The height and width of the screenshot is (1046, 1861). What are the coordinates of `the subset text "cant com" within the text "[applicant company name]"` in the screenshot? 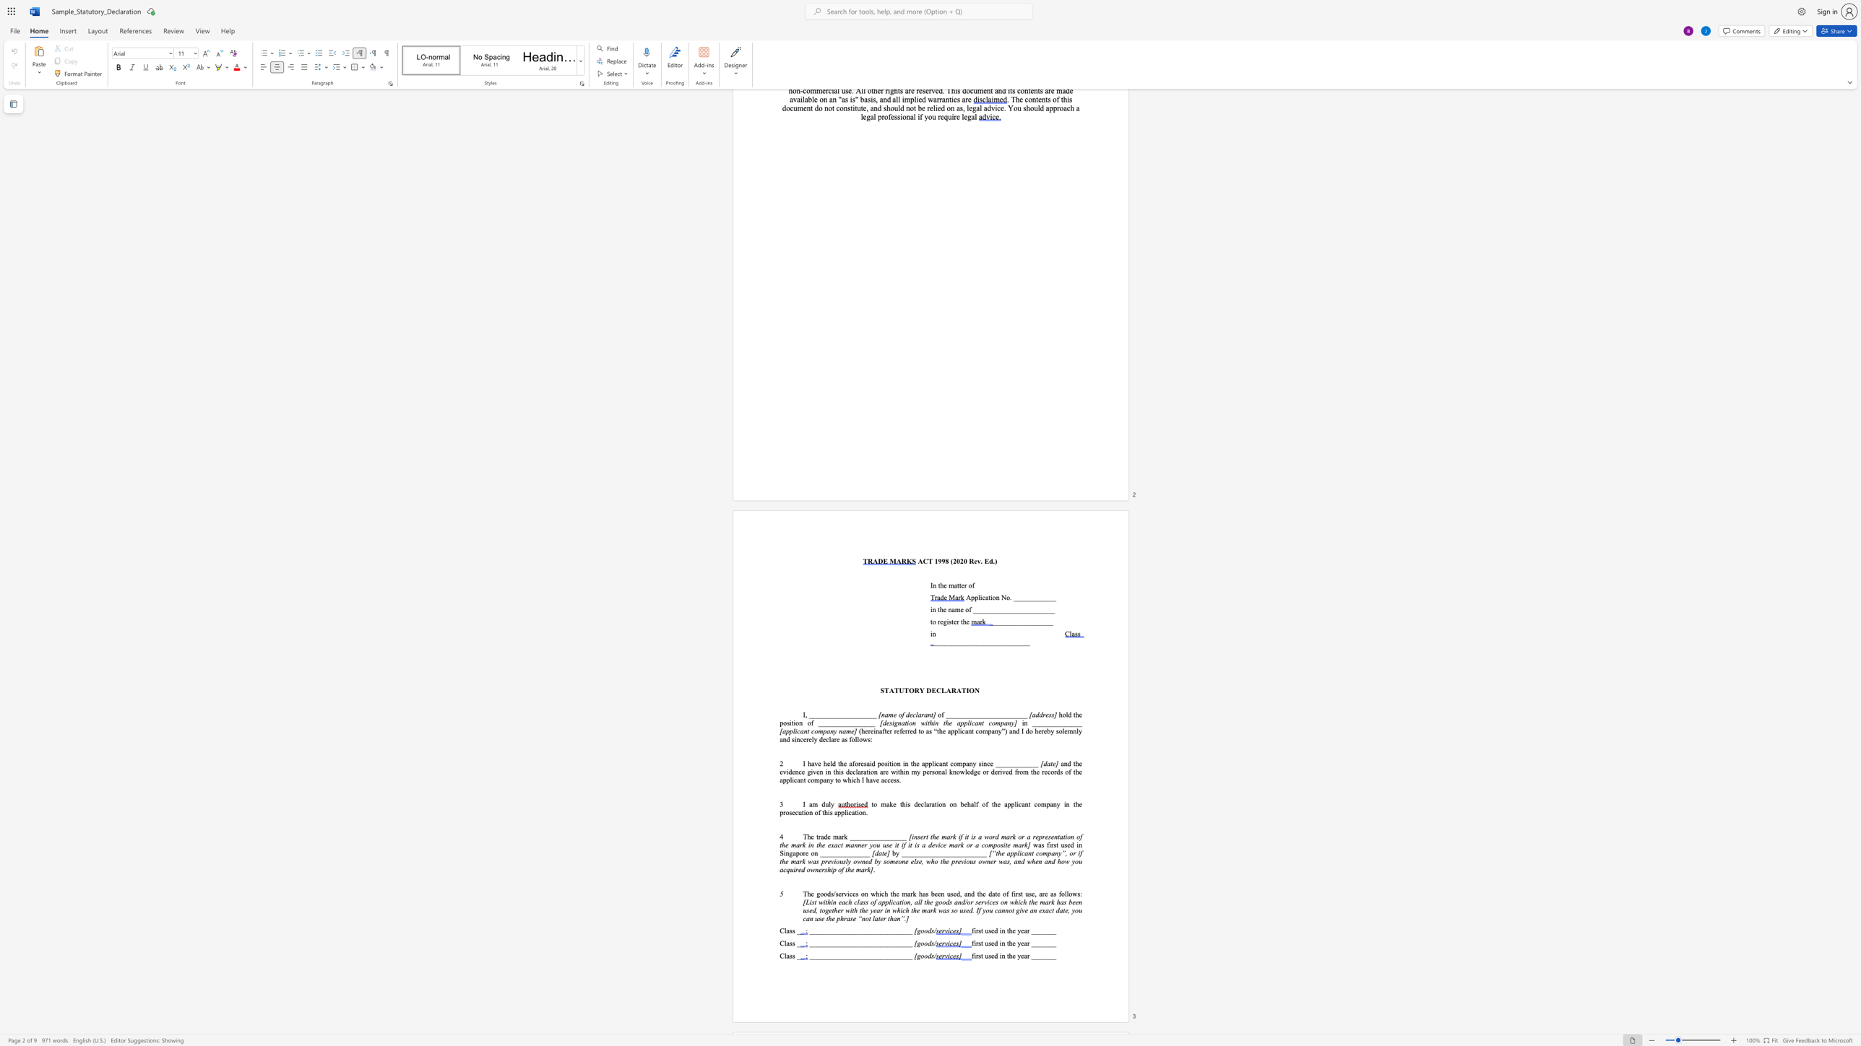 It's located at (797, 731).